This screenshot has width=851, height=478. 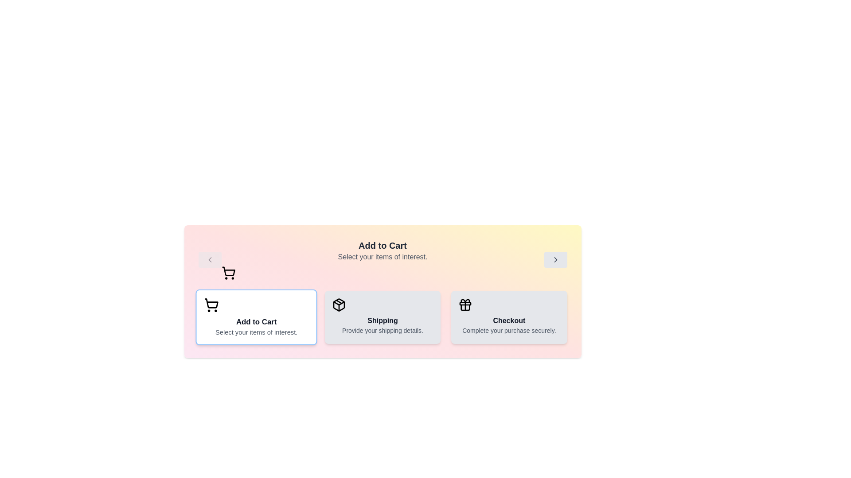 I want to click on the circular button with a left-facing chevron icon located in the 'Add to Cart' section, so click(x=209, y=259).